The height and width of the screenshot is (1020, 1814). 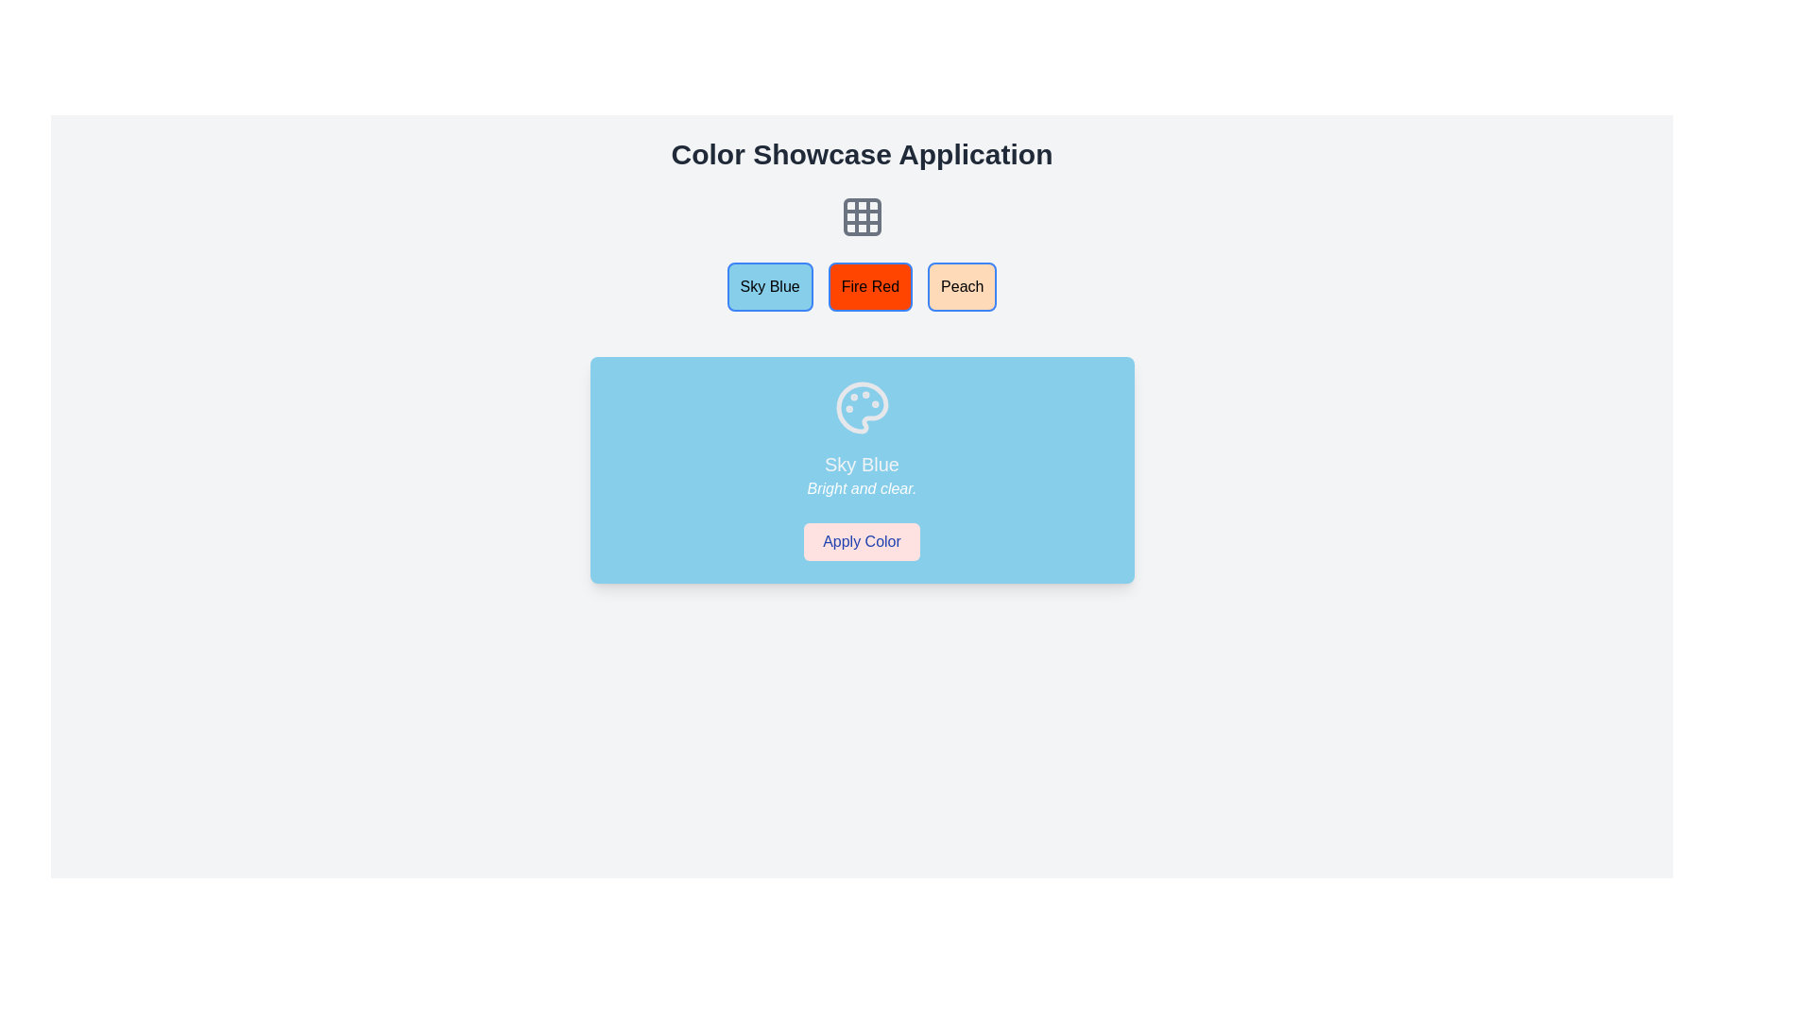 I want to click on the descriptive label text within the main blue-styled card, which is located below the palette icon and above the smaller text 'Bright and clear.', so click(x=861, y=465).